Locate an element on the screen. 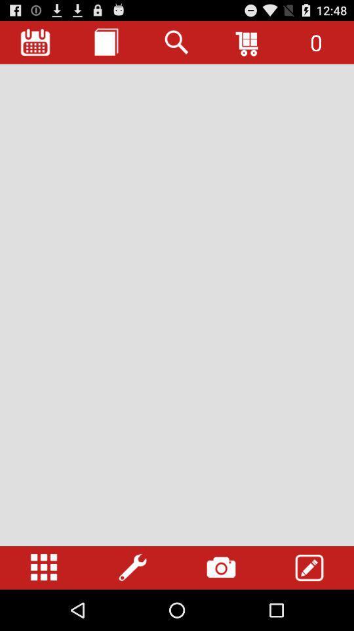  the camera tab is located at coordinates (221, 567).